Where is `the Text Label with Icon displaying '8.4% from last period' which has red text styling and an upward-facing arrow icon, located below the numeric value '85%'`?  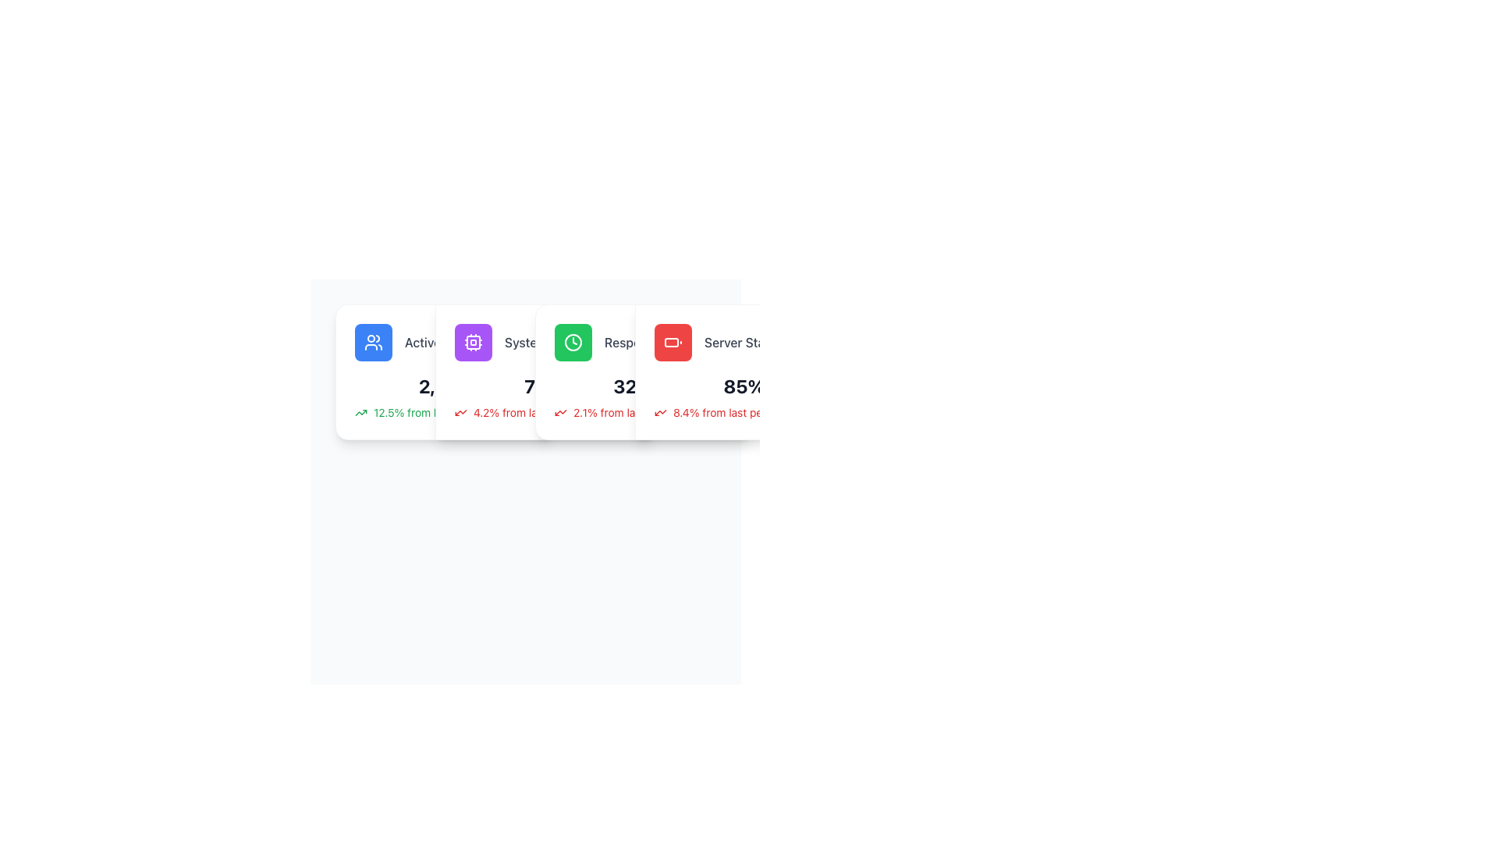
the Text Label with Icon displaying '8.4% from last period' which has red text styling and an upward-facing arrow icon, located below the numeric value '85%' is located at coordinates (744, 411).